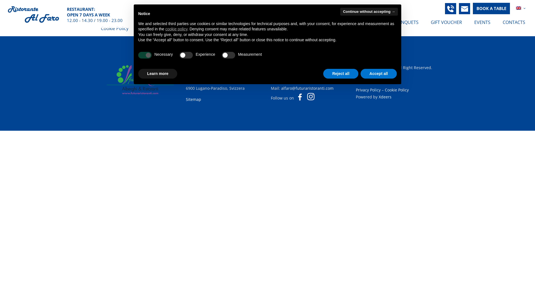 The image size is (535, 301). I want to click on 'Restaurant Al Faro Lugano', so click(33, 14).